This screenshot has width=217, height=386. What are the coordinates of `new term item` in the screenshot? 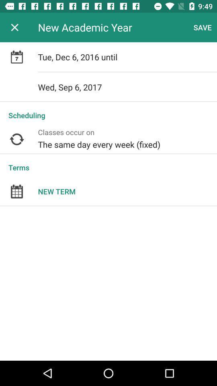 It's located at (127, 191).